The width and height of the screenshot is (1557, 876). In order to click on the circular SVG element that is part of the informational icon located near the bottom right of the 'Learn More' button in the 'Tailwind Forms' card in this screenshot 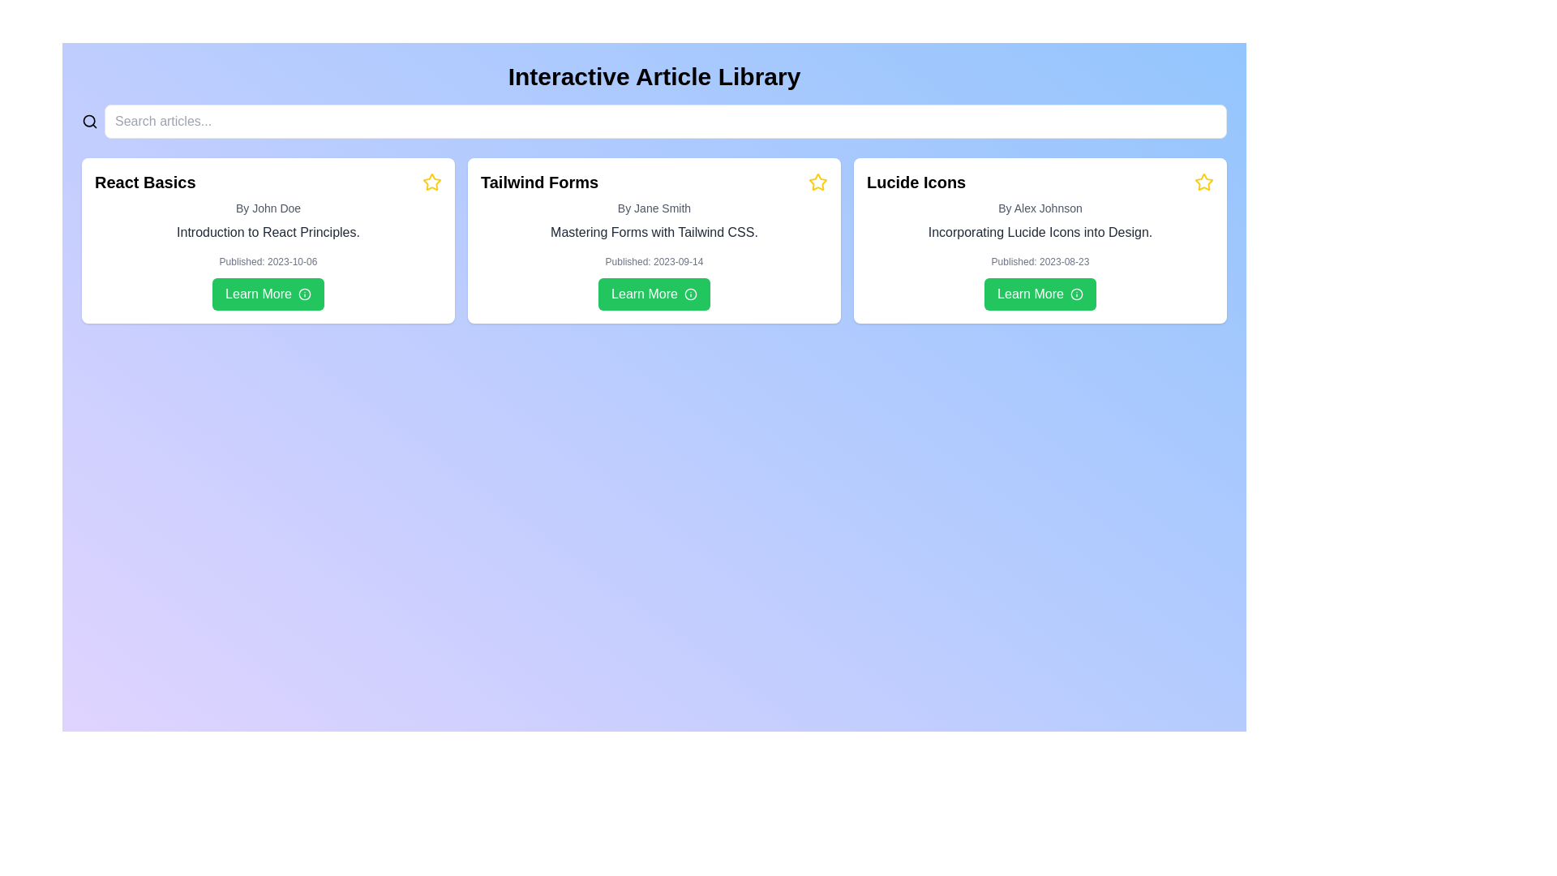, I will do `click(690, 294)`.